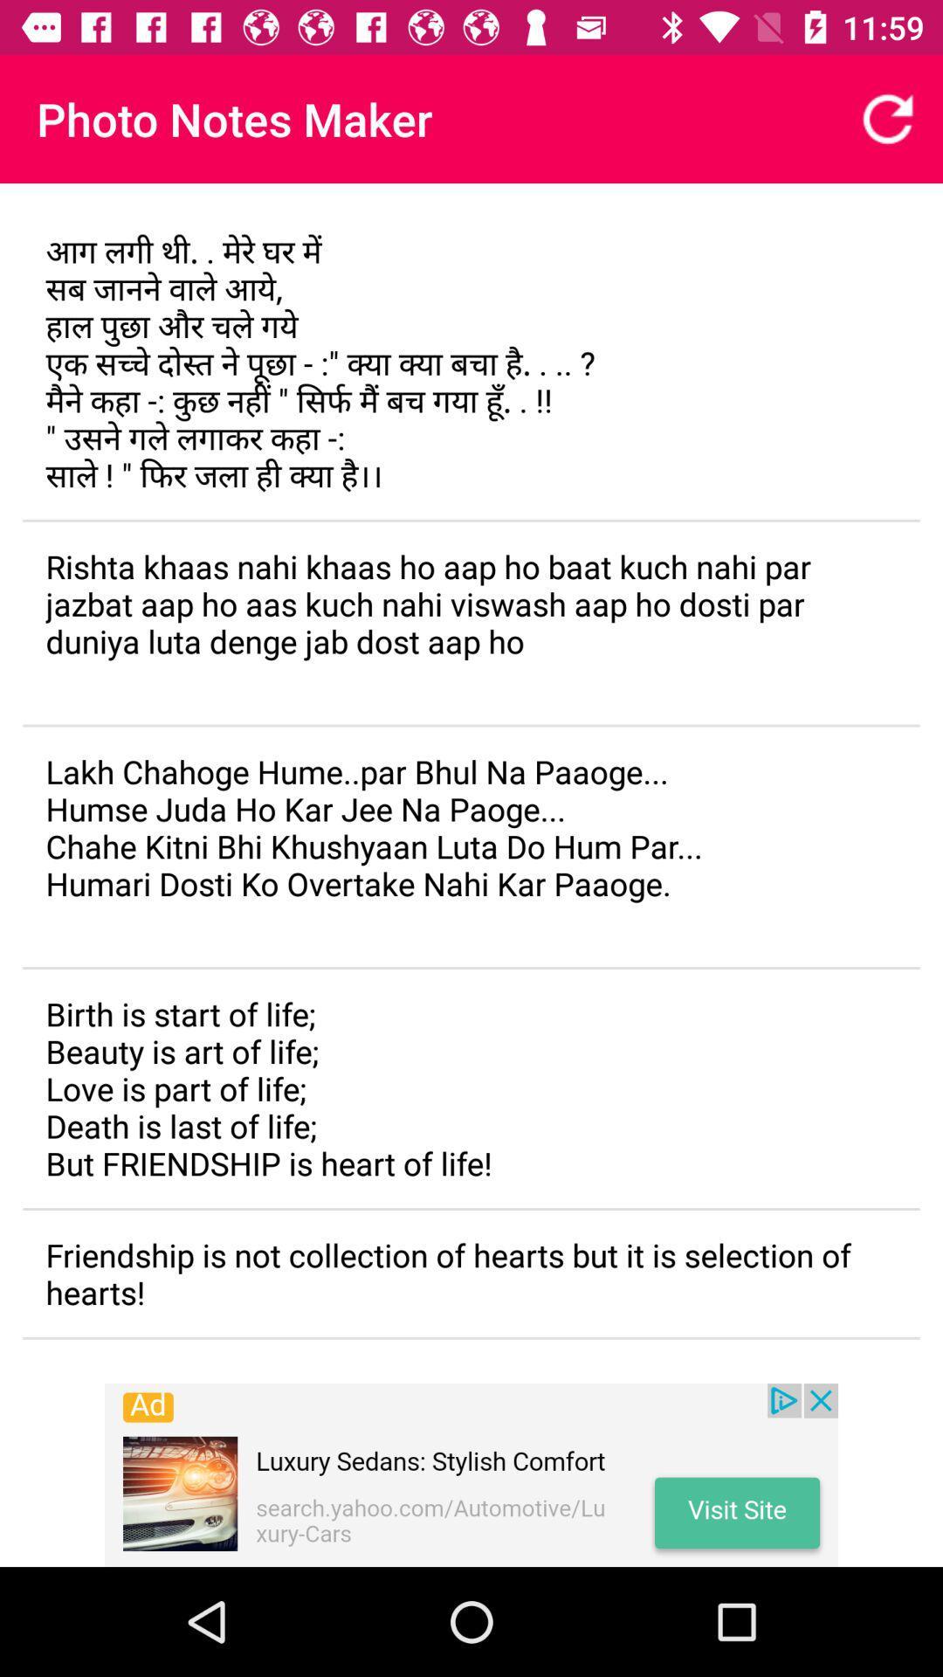 The height and width of the screenshot is (1677, 943). I want to click on see adds, so click(471, 1474).